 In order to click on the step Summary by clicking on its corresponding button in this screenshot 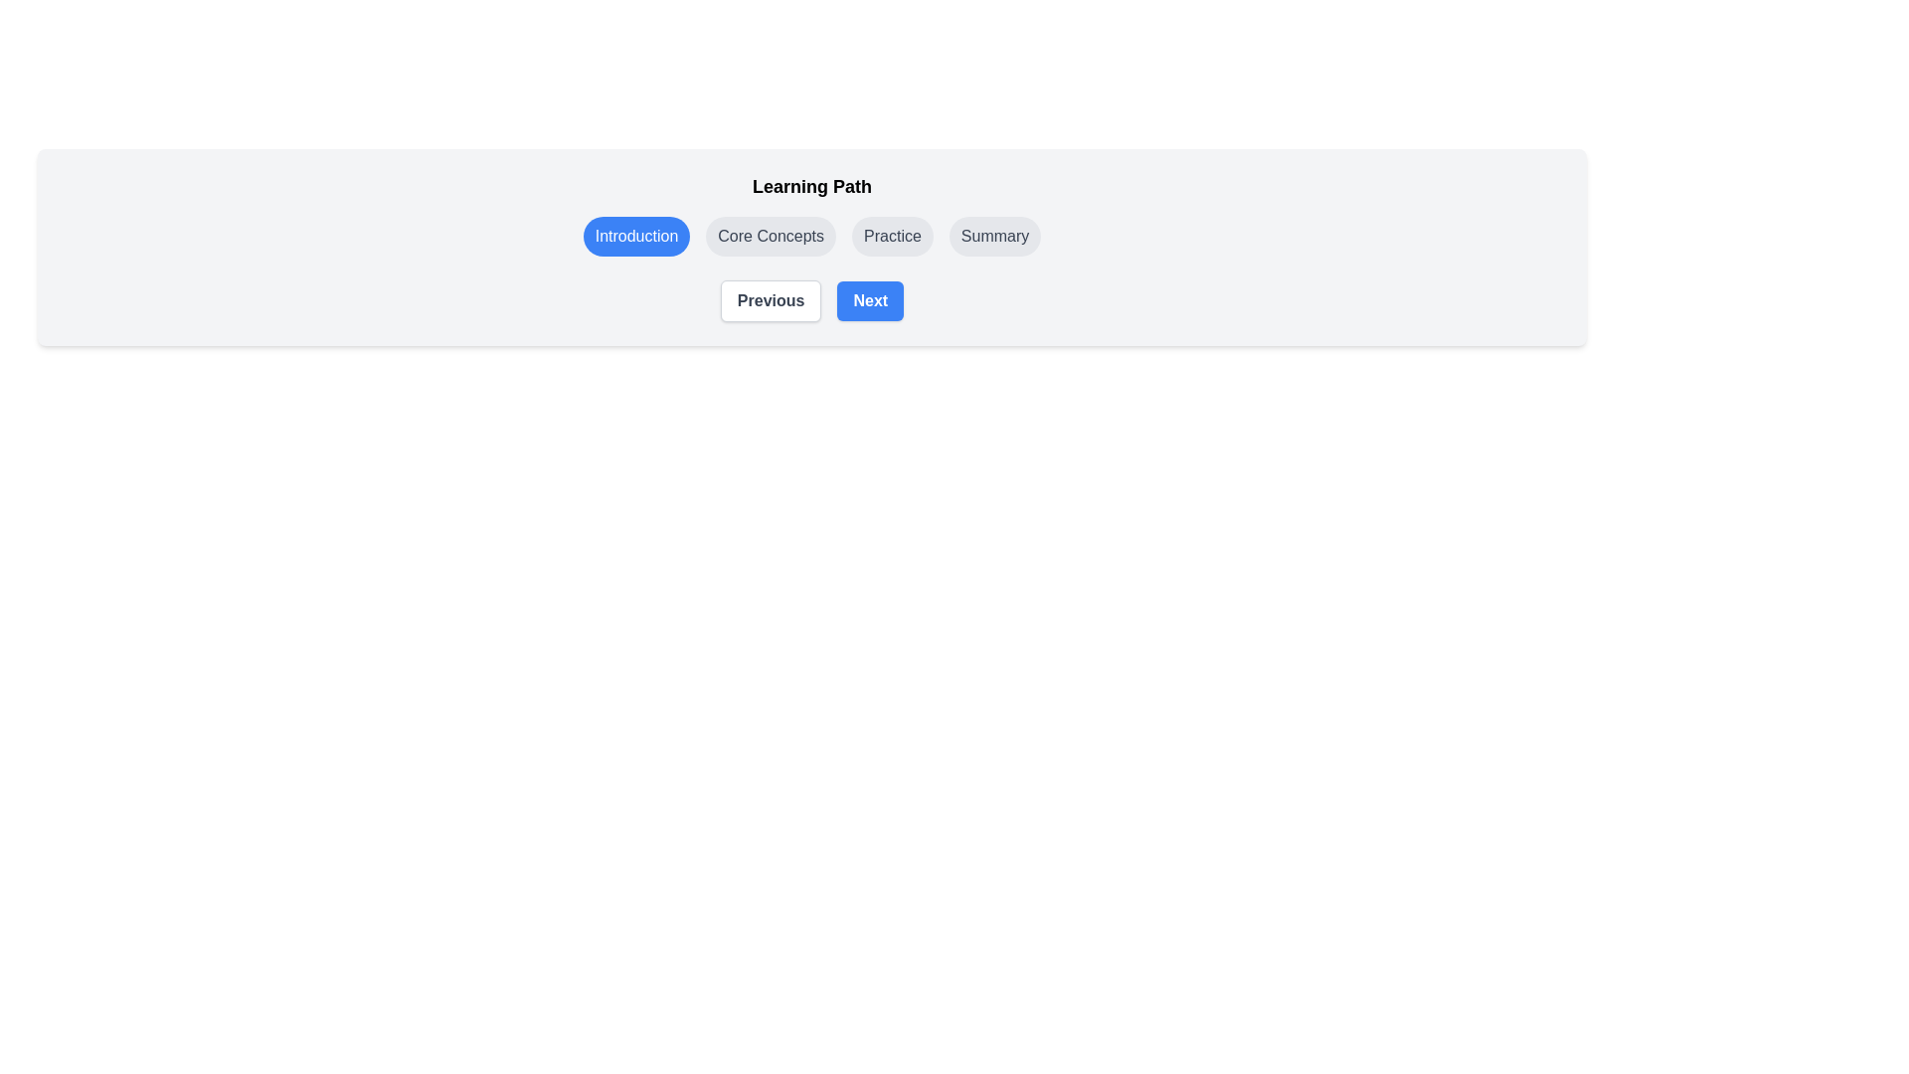, I will do `click(995, 236)`.